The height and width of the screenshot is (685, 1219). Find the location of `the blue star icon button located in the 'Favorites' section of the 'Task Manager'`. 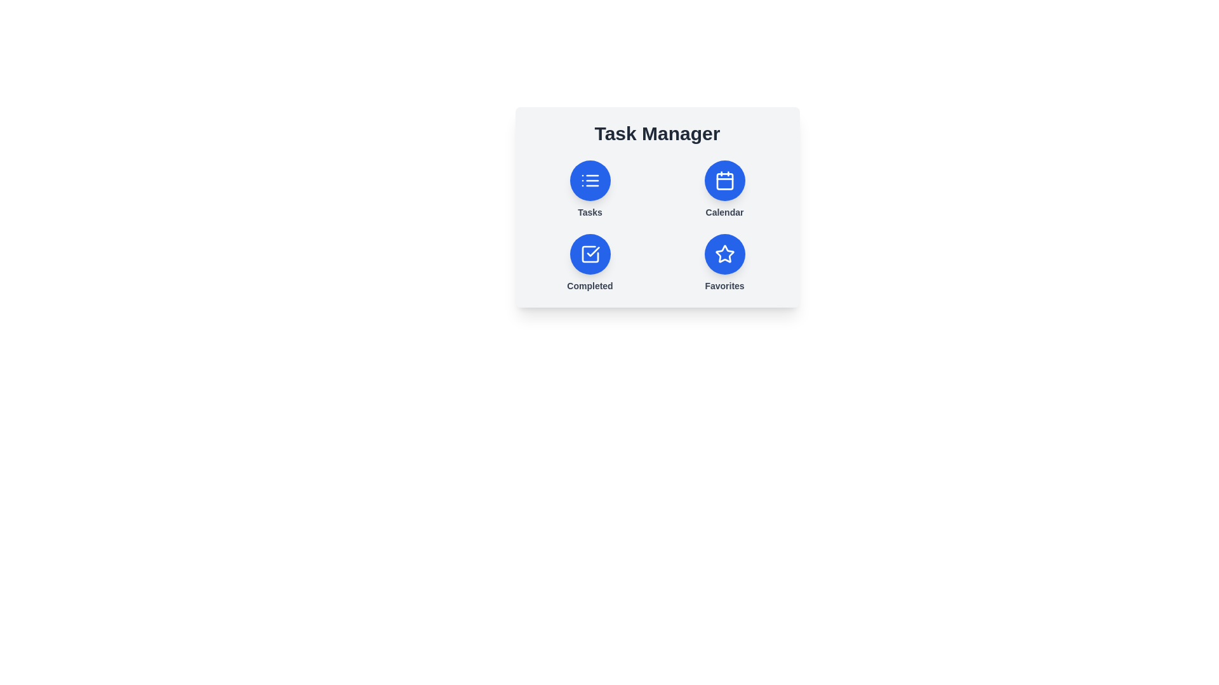

the blue star icon button located in the 'Favorites' section of the 'Task Manager' is located at coordinates (724, 254).